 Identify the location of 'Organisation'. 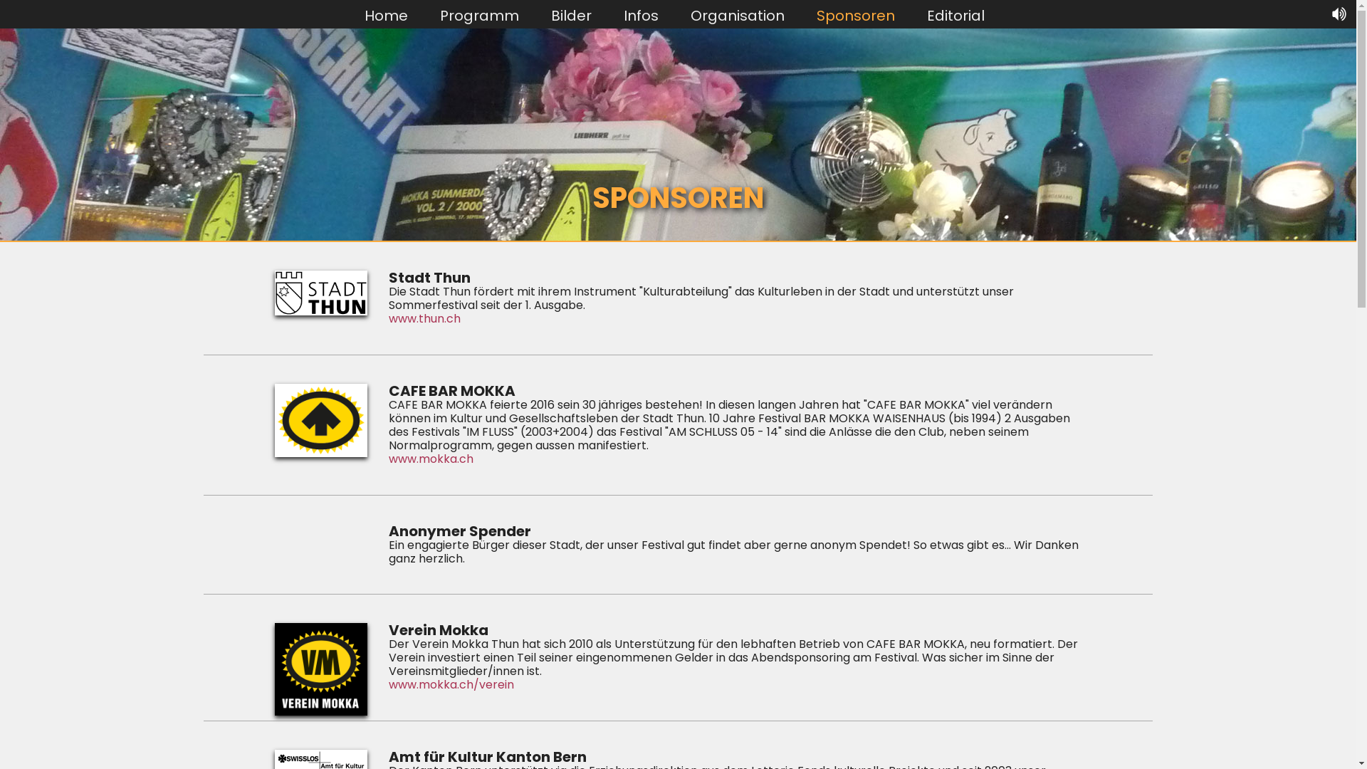
(738, 14).